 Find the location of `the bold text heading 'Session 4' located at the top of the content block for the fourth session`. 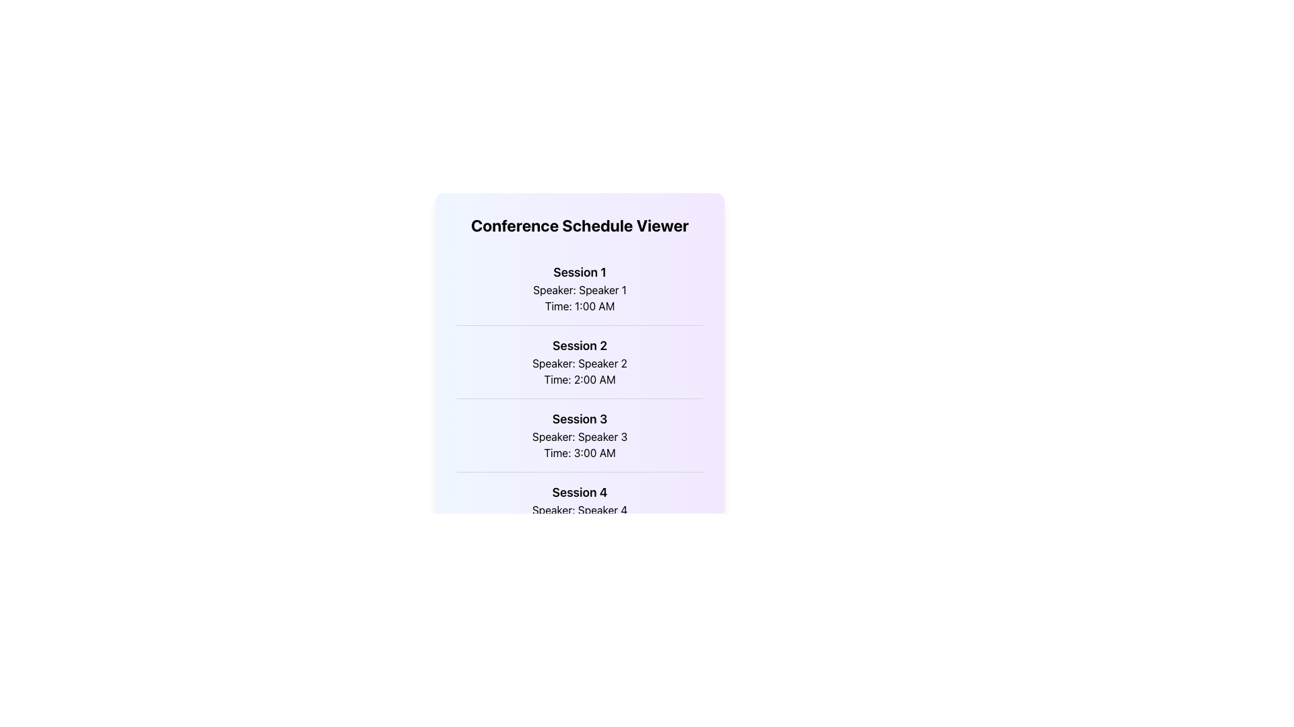

the bold text heading 'Session 4' located at the top of the content block for the fourth session is located at coordinates (580, 493).